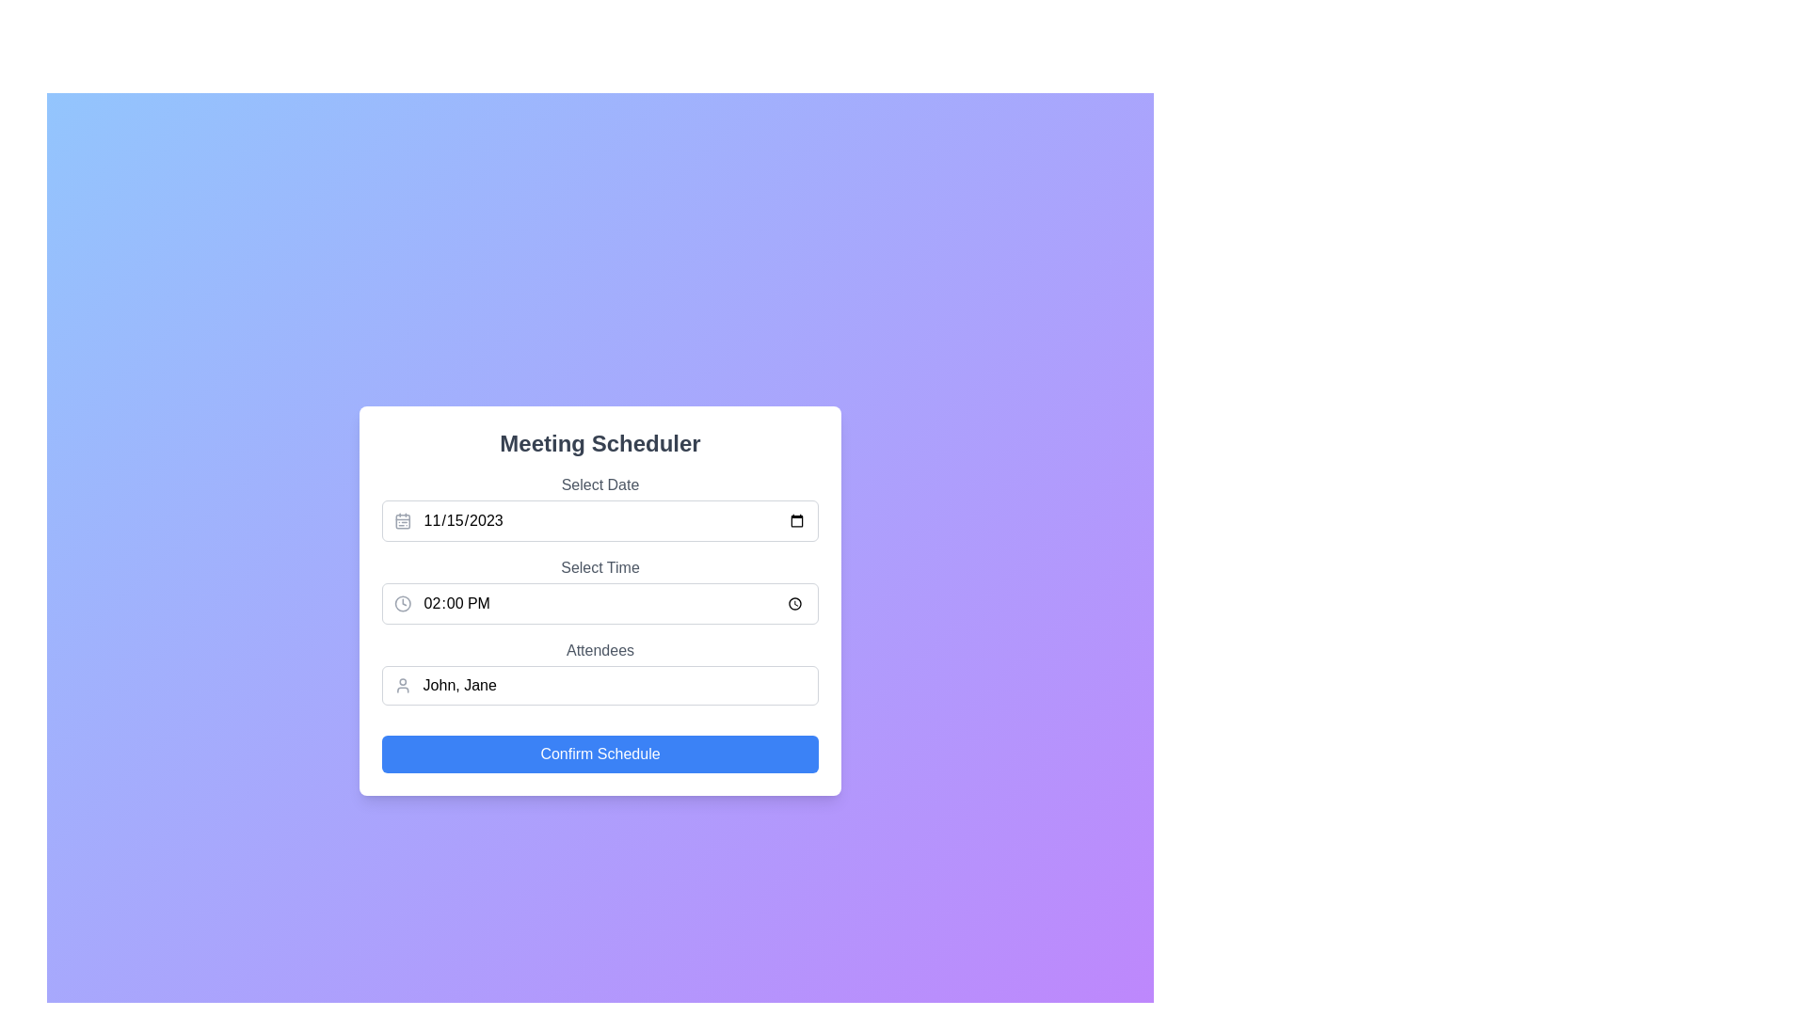  I want to click on the SVG clock icon located at the top left corner of the 'Select Time' input field, positioned before the time value '02:00 PM', so click(402, 603).